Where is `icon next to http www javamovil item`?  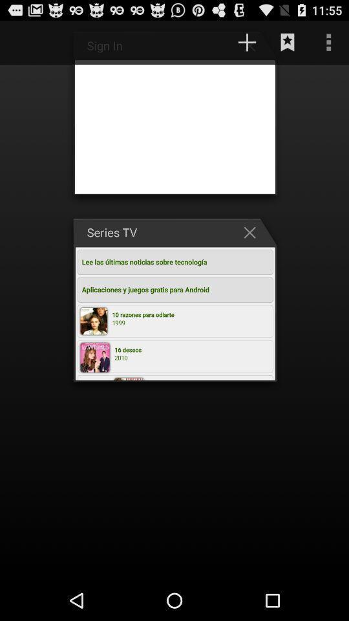
icon next to http www javamovil item is located at coordinates (26, 42).